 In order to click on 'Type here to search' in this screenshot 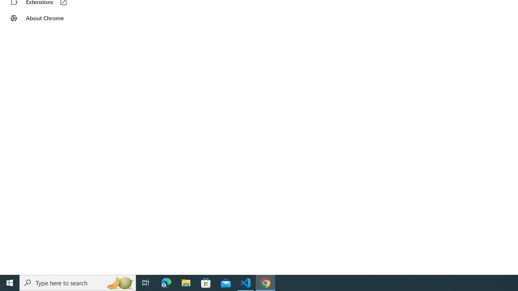, I will do `click(78, 282)`.